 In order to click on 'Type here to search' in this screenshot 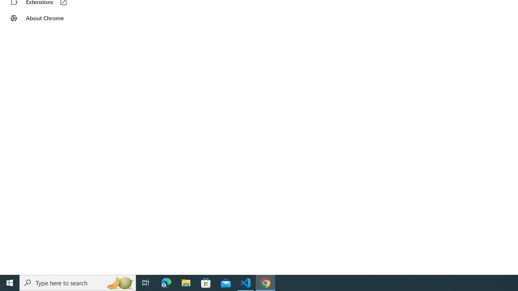, I will do `click(78, 282)`.